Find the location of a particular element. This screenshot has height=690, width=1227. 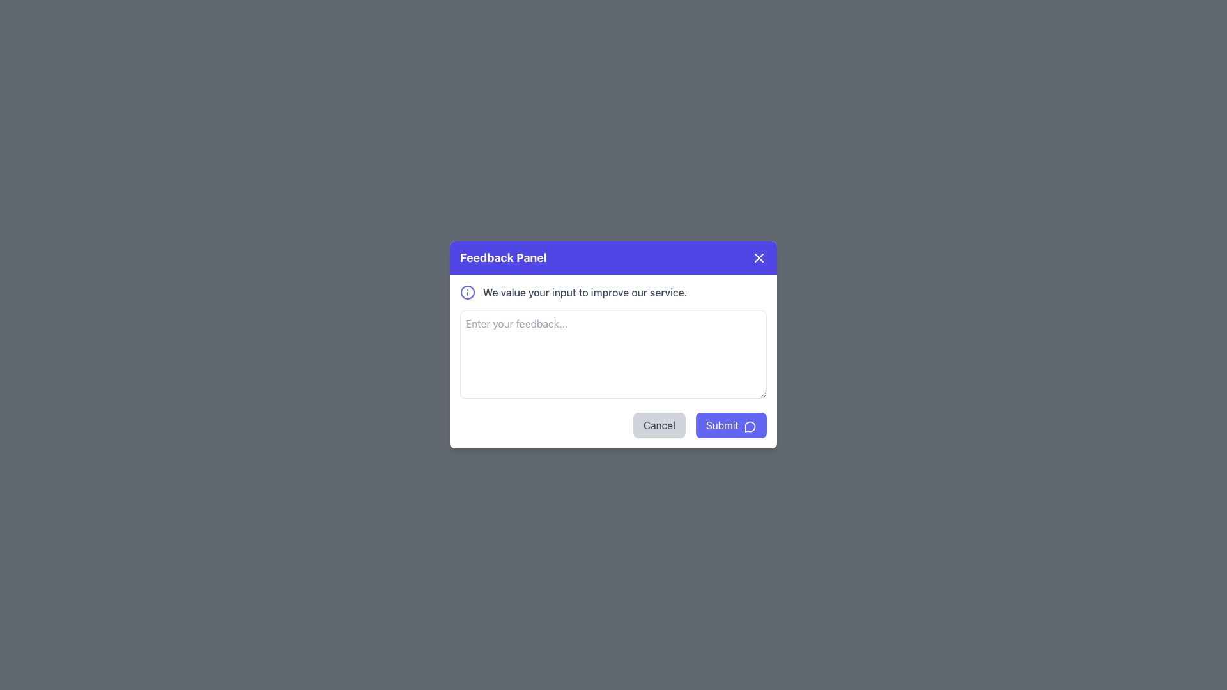

the close button represented by the diagonal line forming part of a cross (X) in the top-right corner of the modal dialog box is located at coordinates (759, 258).